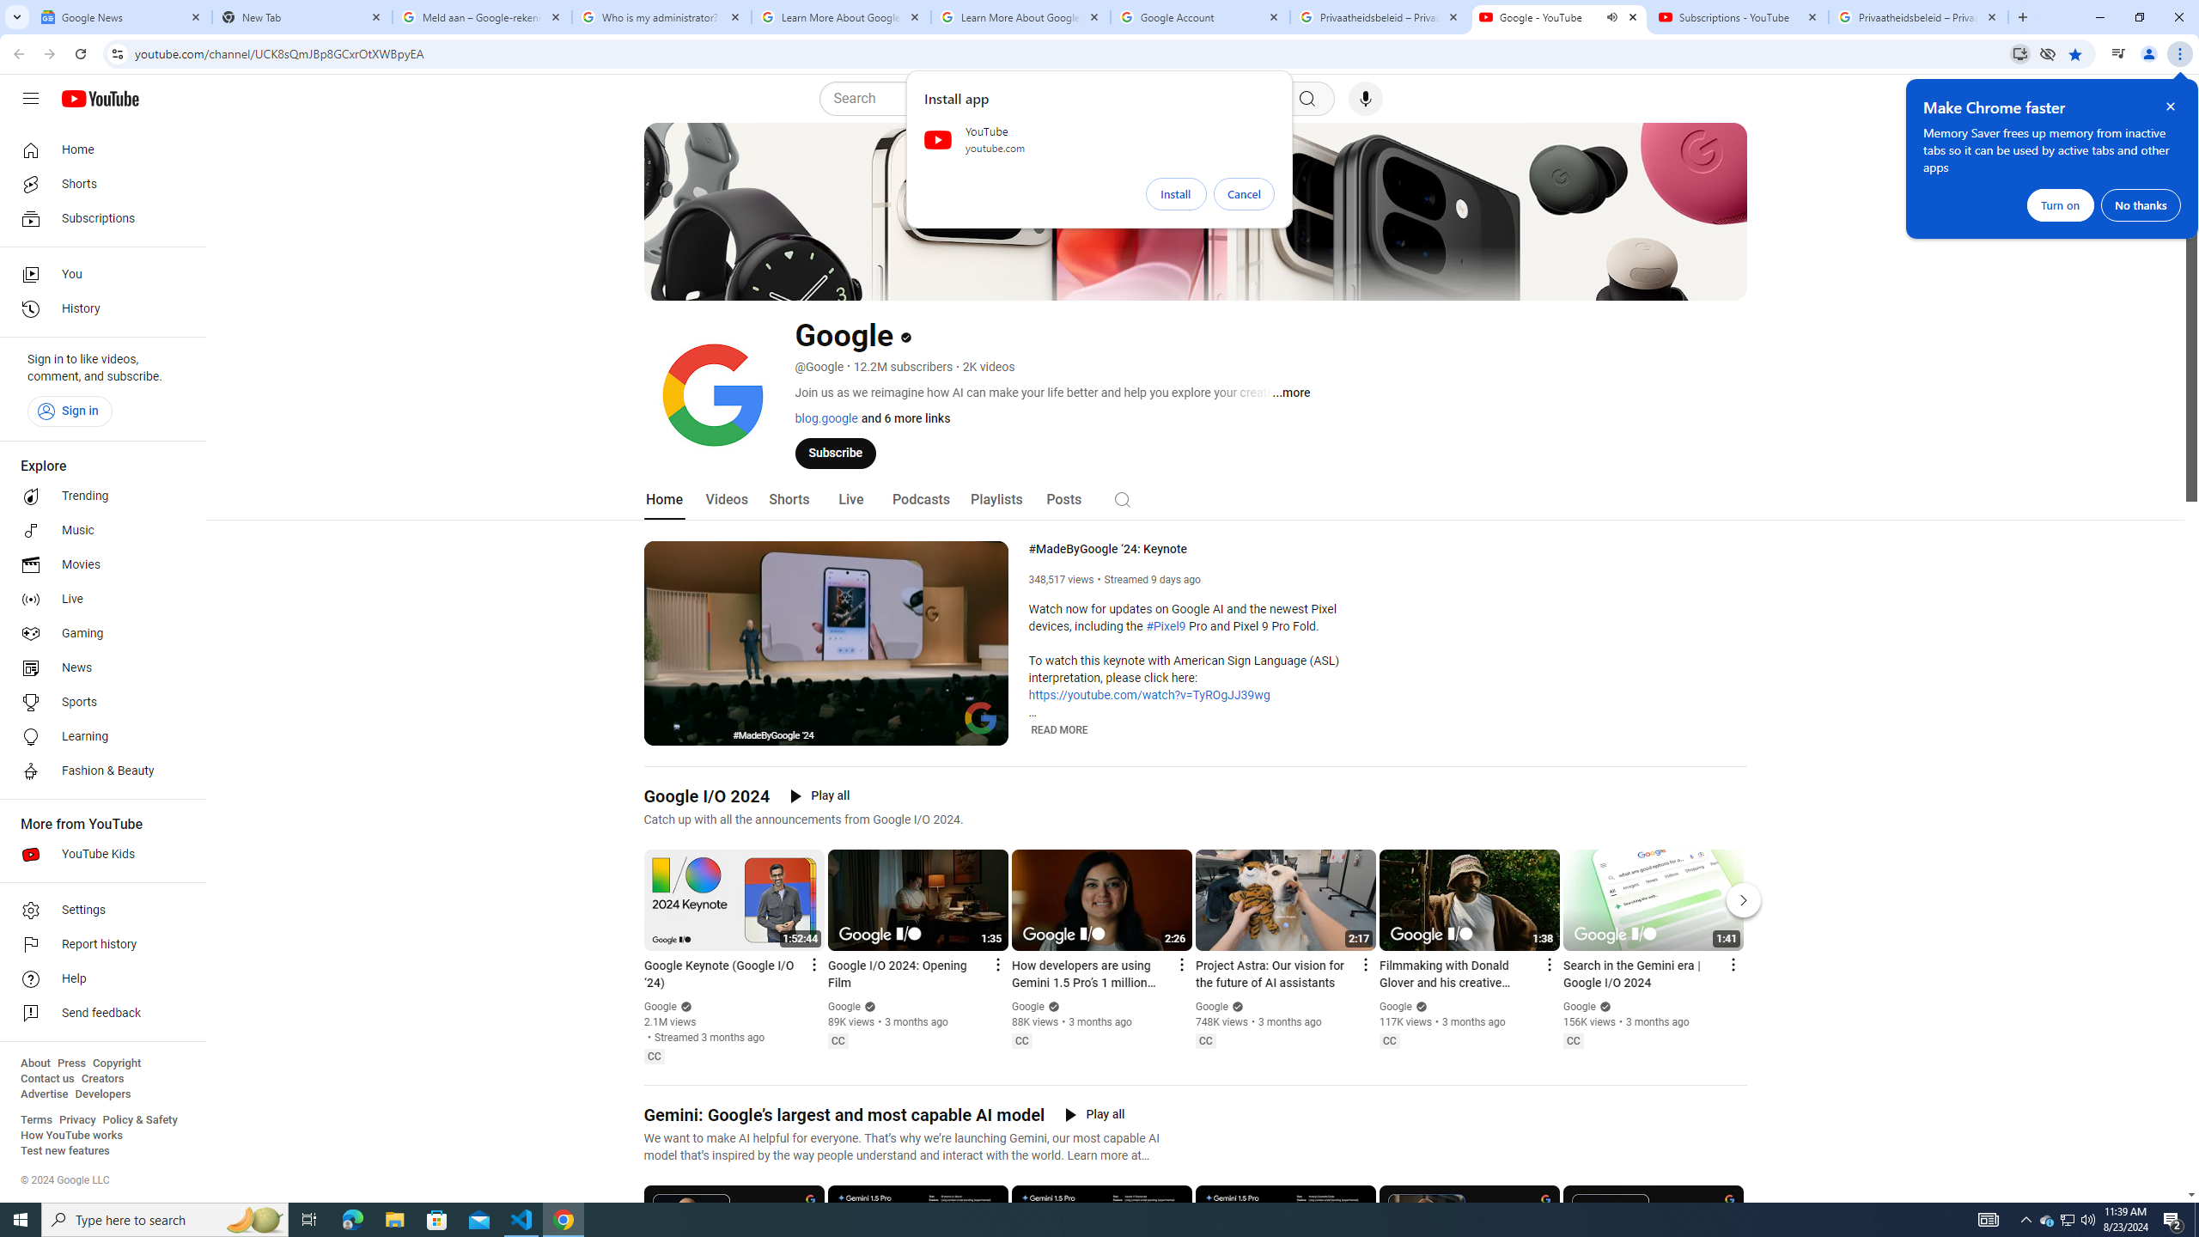  I want to click on 'Verified', so click(1603, 1006).